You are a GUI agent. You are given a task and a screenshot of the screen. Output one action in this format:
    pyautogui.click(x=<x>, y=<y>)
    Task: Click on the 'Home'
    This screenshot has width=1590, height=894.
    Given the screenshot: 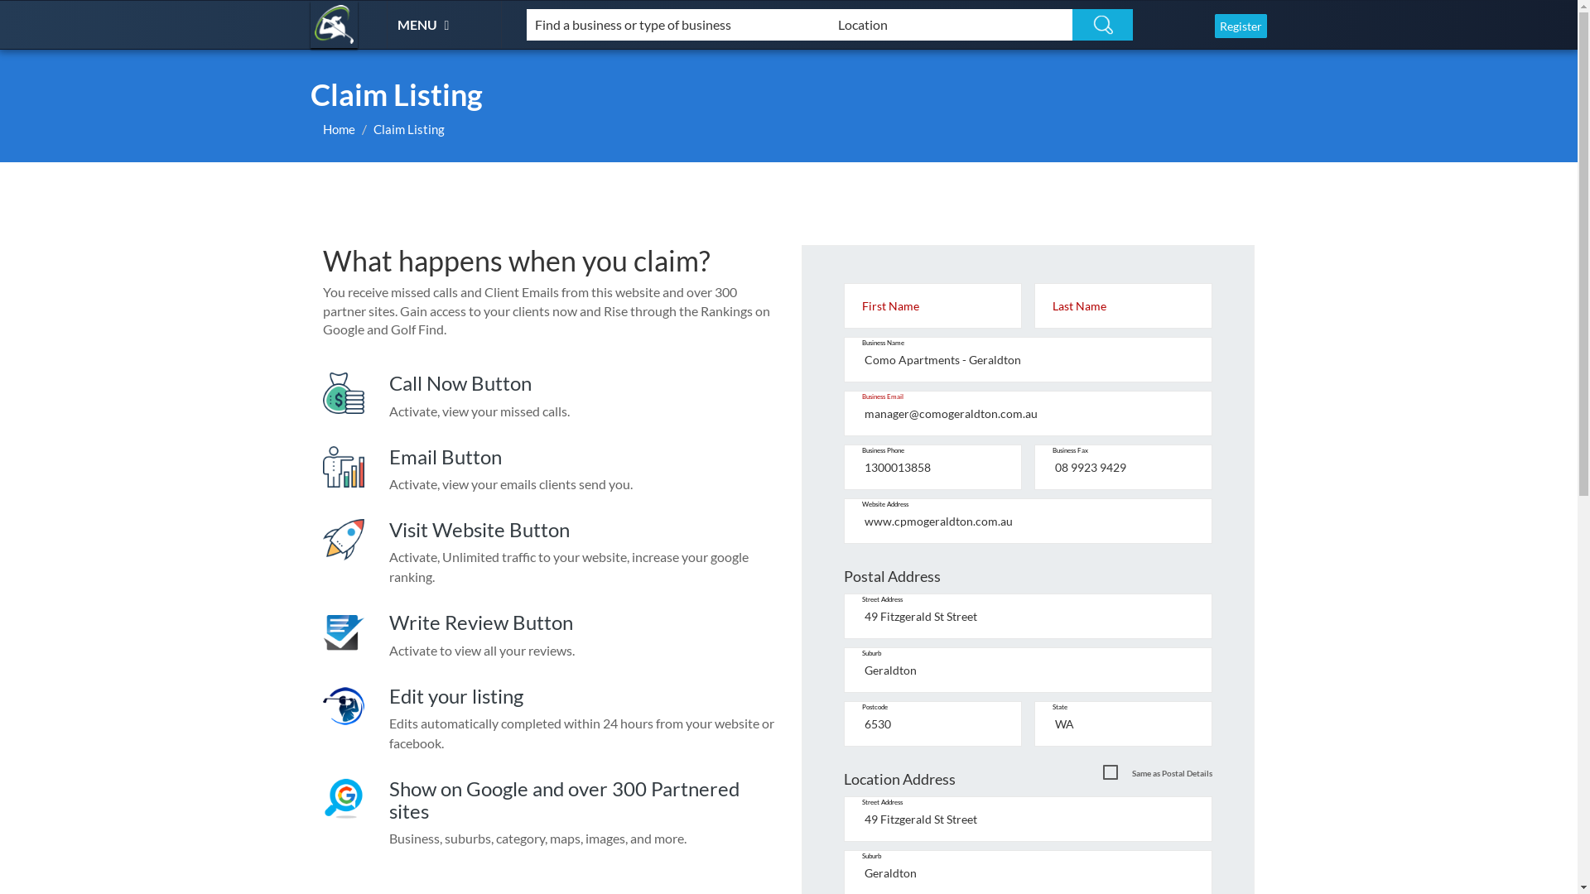 What is the action you would take?
    pyautogui.click(x=338, y=127)
    